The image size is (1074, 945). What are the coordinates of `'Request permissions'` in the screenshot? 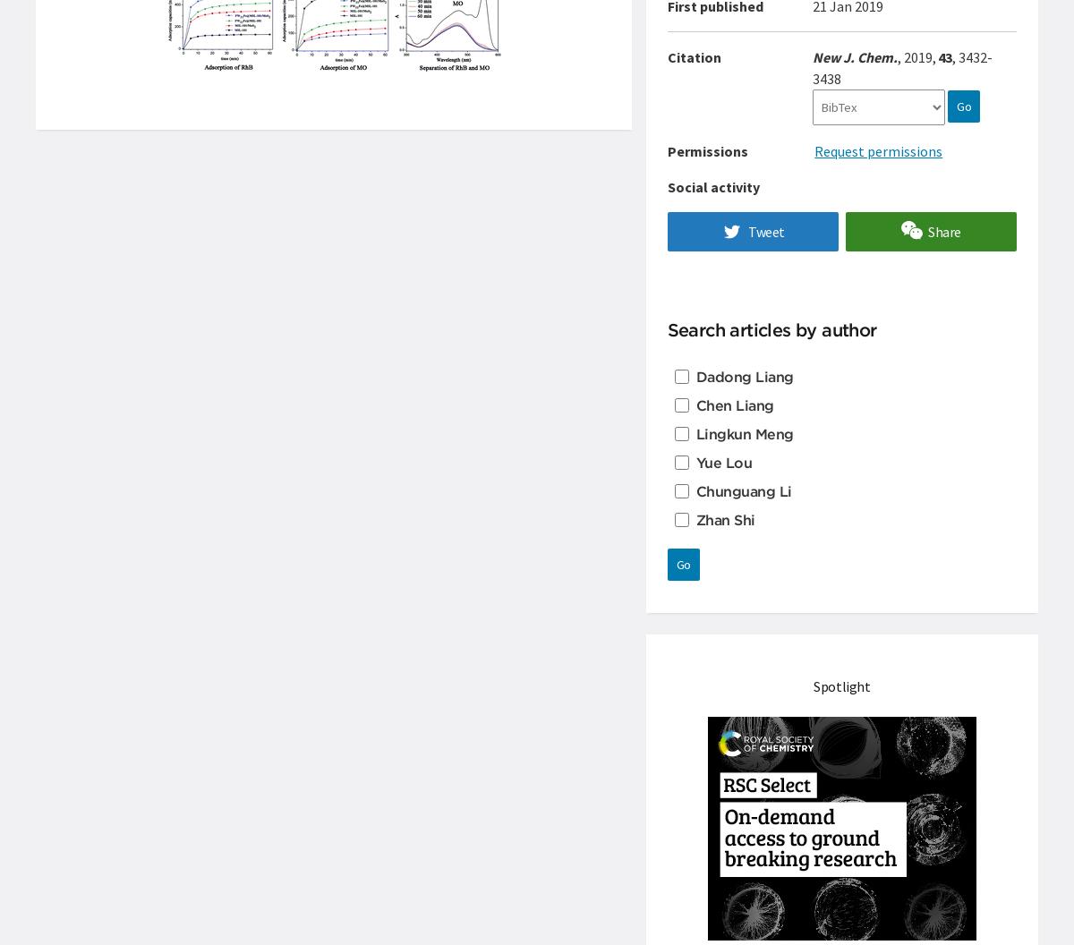 It's located at (878, 150).